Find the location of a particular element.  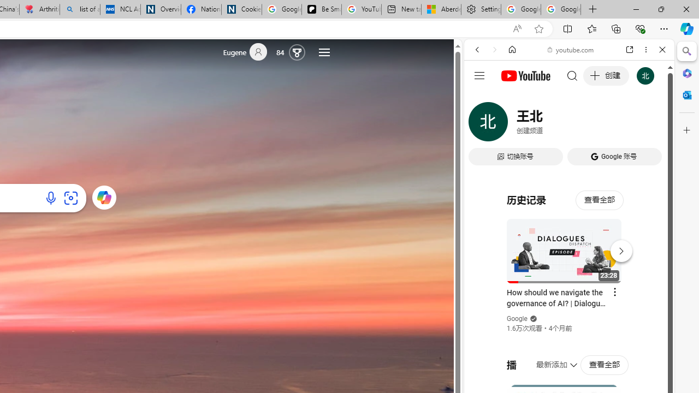

'Cookies' is located at coordinates (241, 9).